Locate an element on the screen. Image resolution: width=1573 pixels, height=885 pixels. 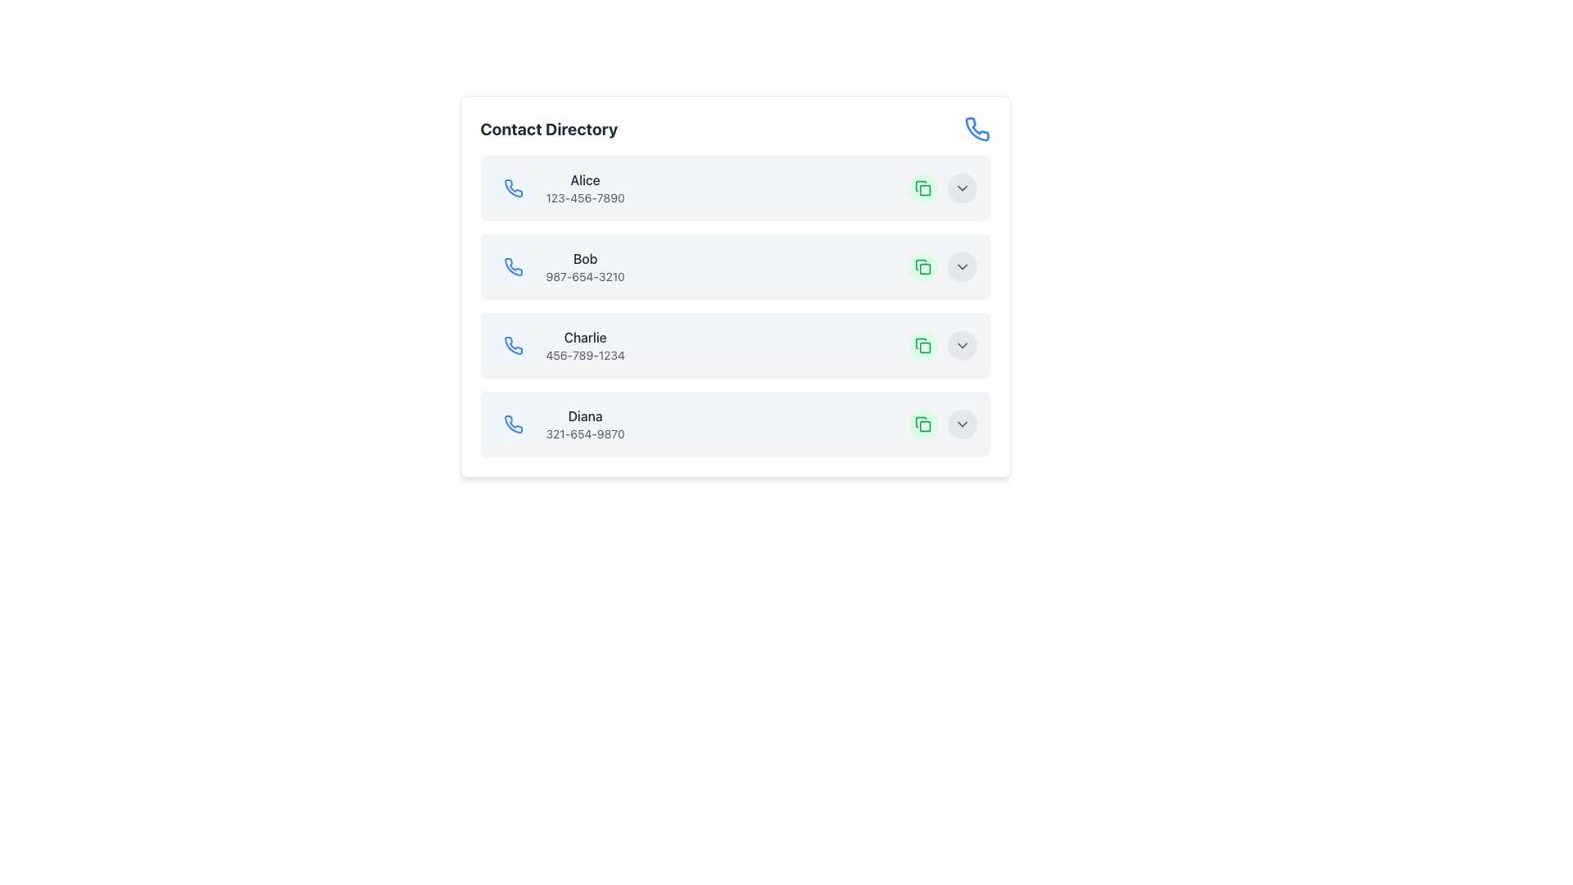
an entry in the contact list is located at coordinates (734, 286).